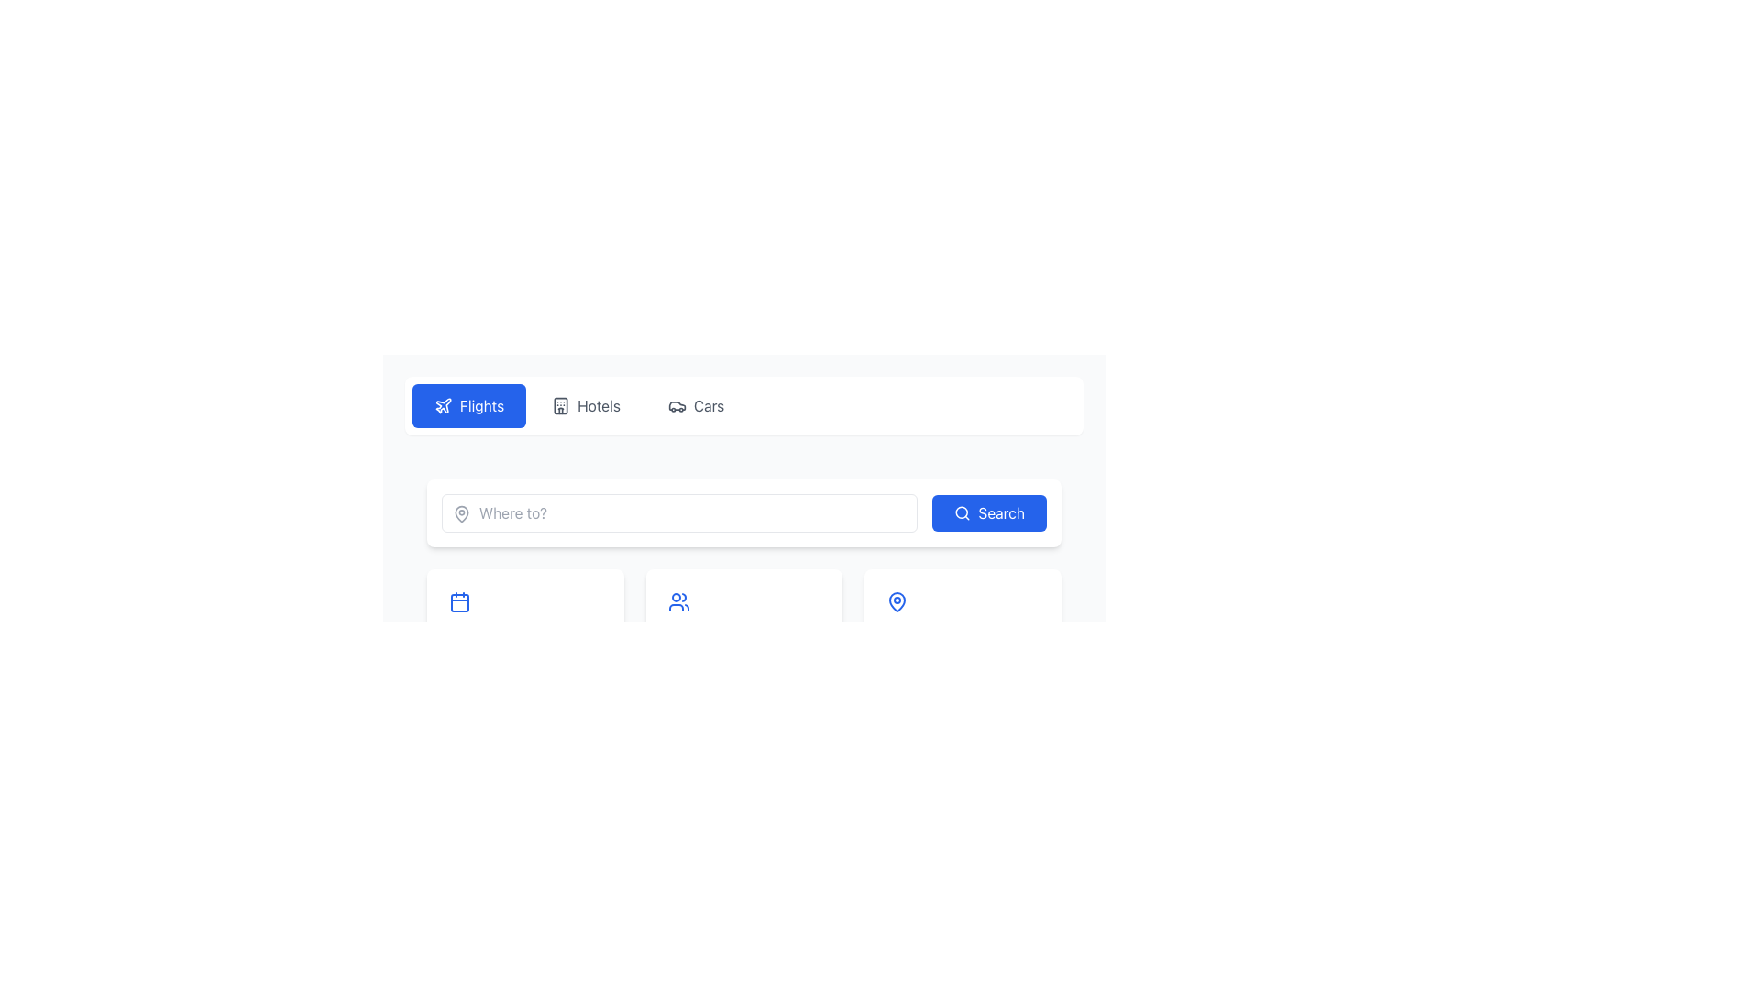 This screenshot has width=1760, height=990. Describe the element at coordinates (676, 405) in the screenshot. I see `the stylized car icon in the horizontal navigation bar` at that location.